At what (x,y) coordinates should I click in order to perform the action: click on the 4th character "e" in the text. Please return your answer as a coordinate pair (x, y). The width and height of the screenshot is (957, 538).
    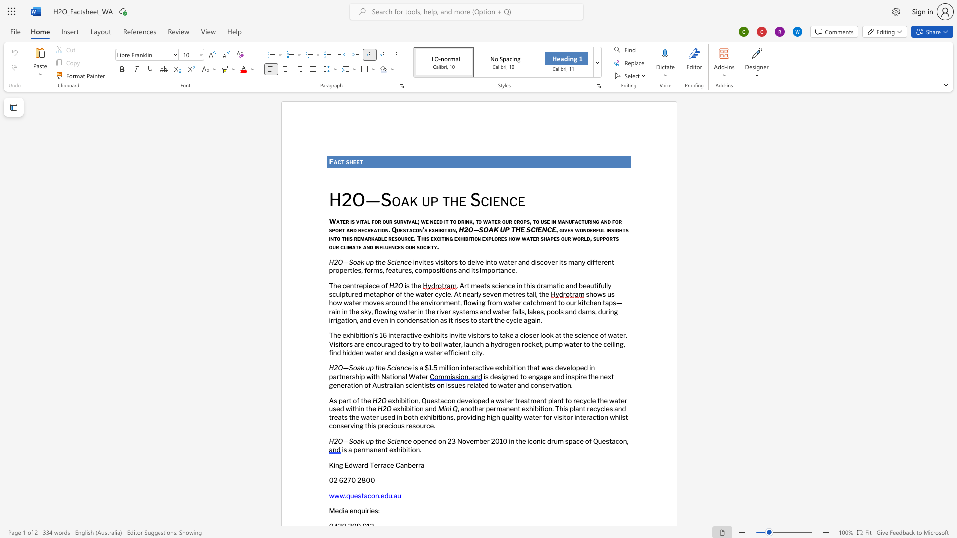
    Looking at the image, I should click on (513, 285).